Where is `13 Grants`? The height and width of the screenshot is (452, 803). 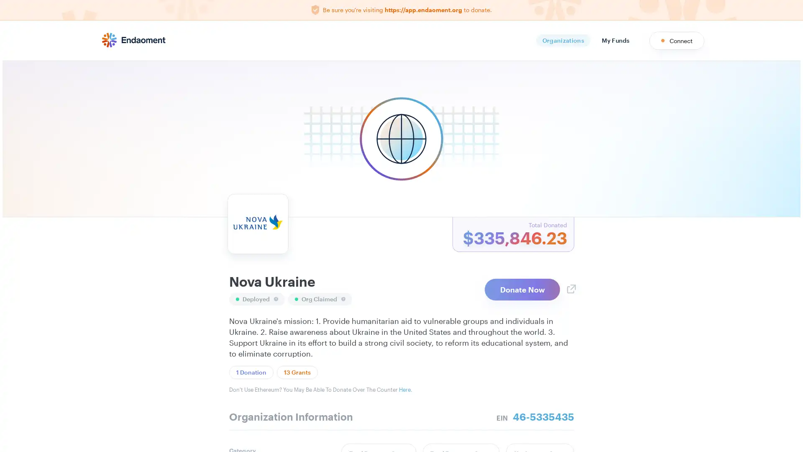
13 Grants is located at coordinates (297, 372).